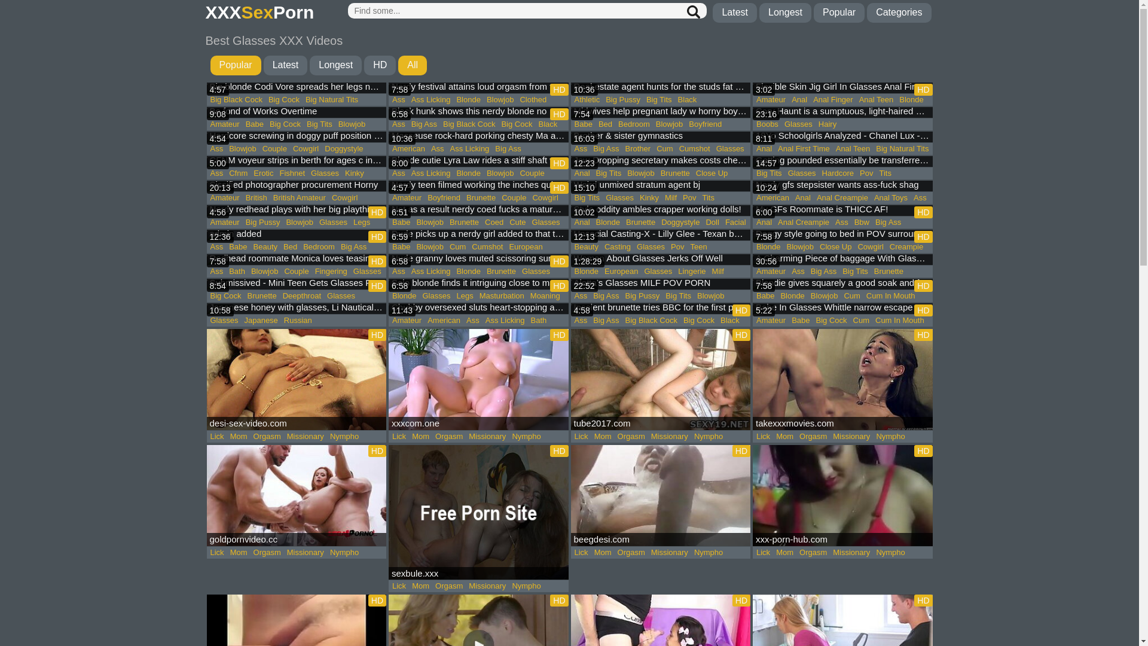  I want to click on 'Be fond of Works Overtime, so click(297, 113).